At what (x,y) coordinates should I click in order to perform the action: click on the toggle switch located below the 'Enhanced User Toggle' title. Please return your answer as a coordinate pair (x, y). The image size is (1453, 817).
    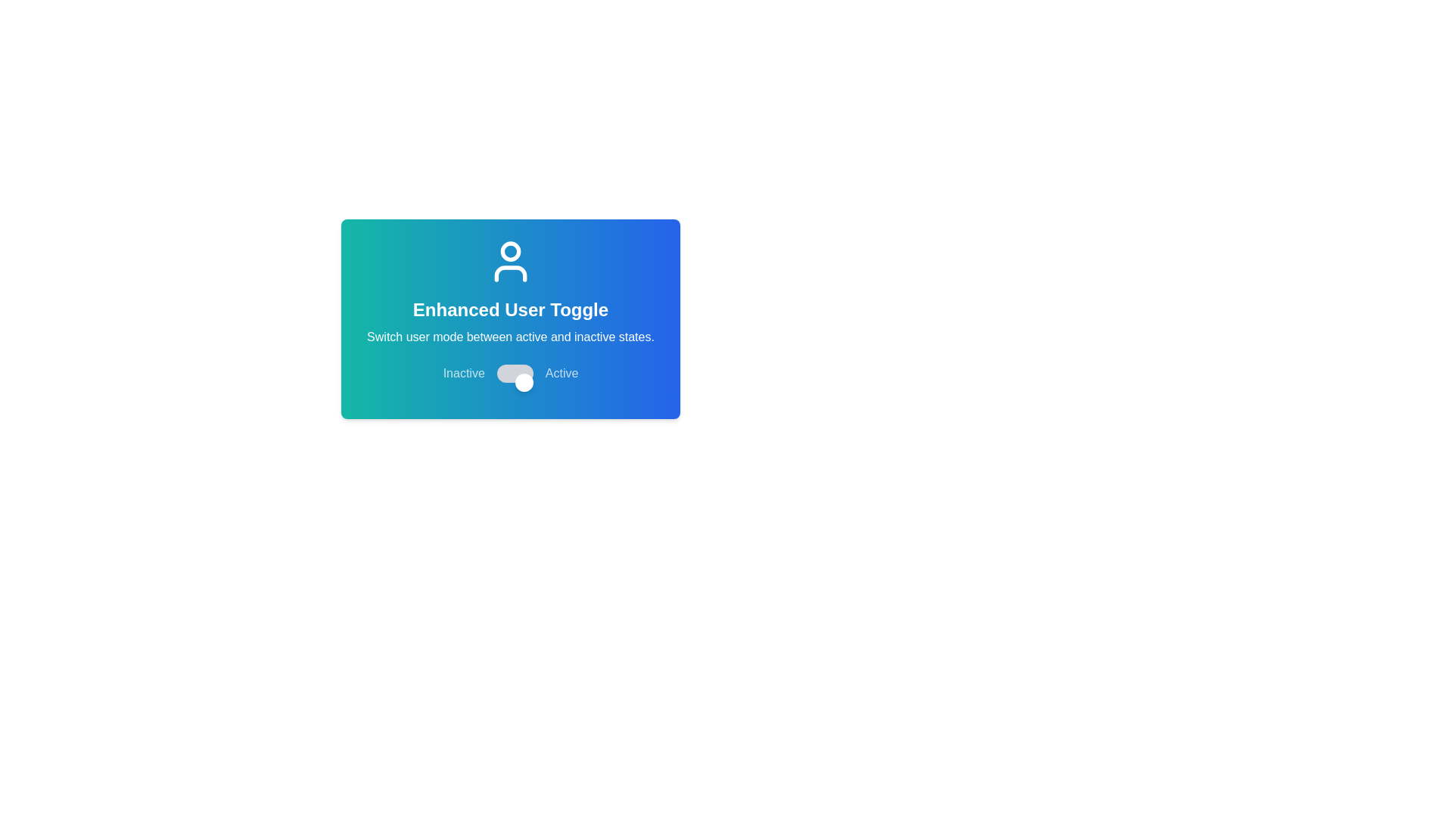
    Looking at the image, I should click on (515, 373).